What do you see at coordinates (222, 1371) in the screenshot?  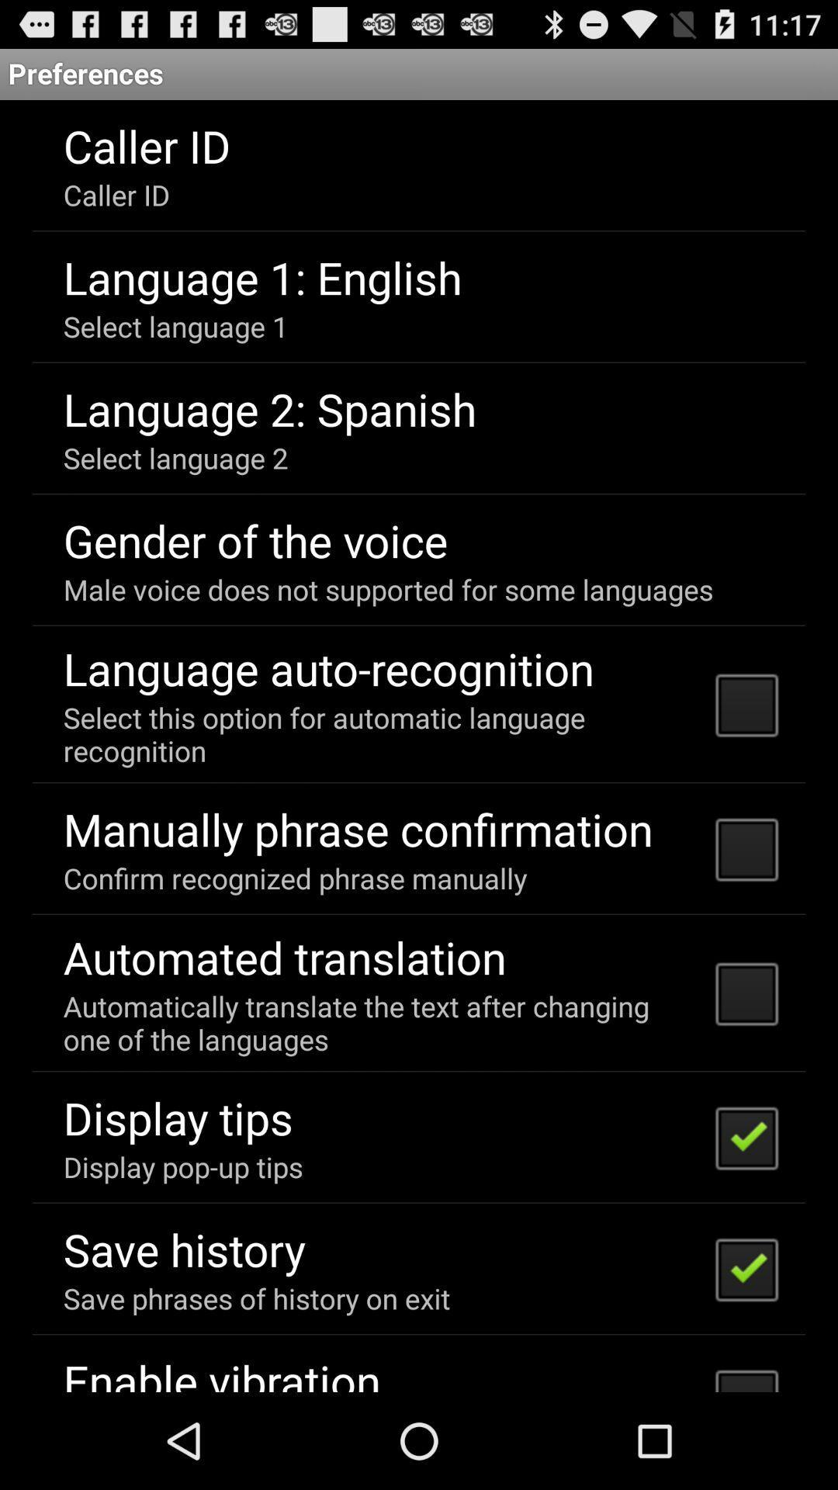 I see `the app below save phrases of` at bounding box center [222, 1371].